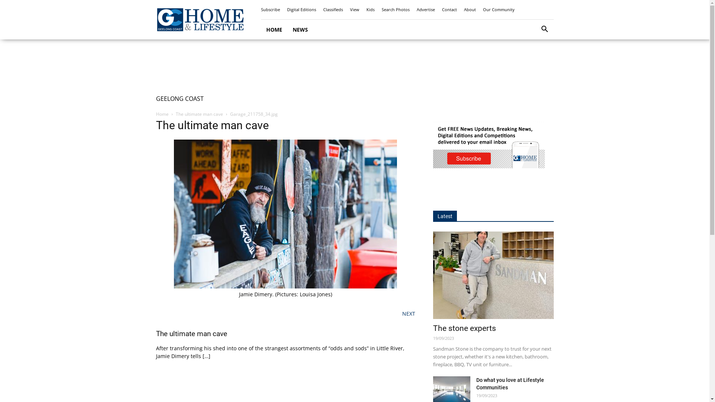 This screenshot has width=715, height=402. I want to click on 'Digital Editions', so click(301, 9).